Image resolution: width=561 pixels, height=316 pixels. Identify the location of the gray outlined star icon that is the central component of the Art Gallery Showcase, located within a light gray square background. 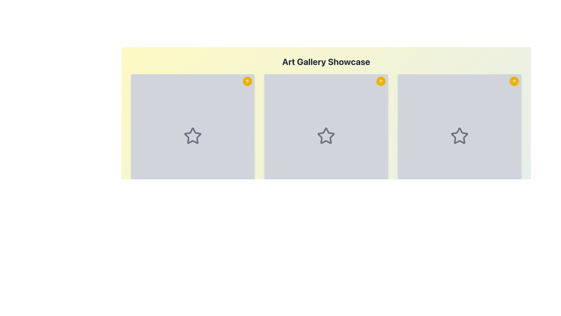
(326, 135).